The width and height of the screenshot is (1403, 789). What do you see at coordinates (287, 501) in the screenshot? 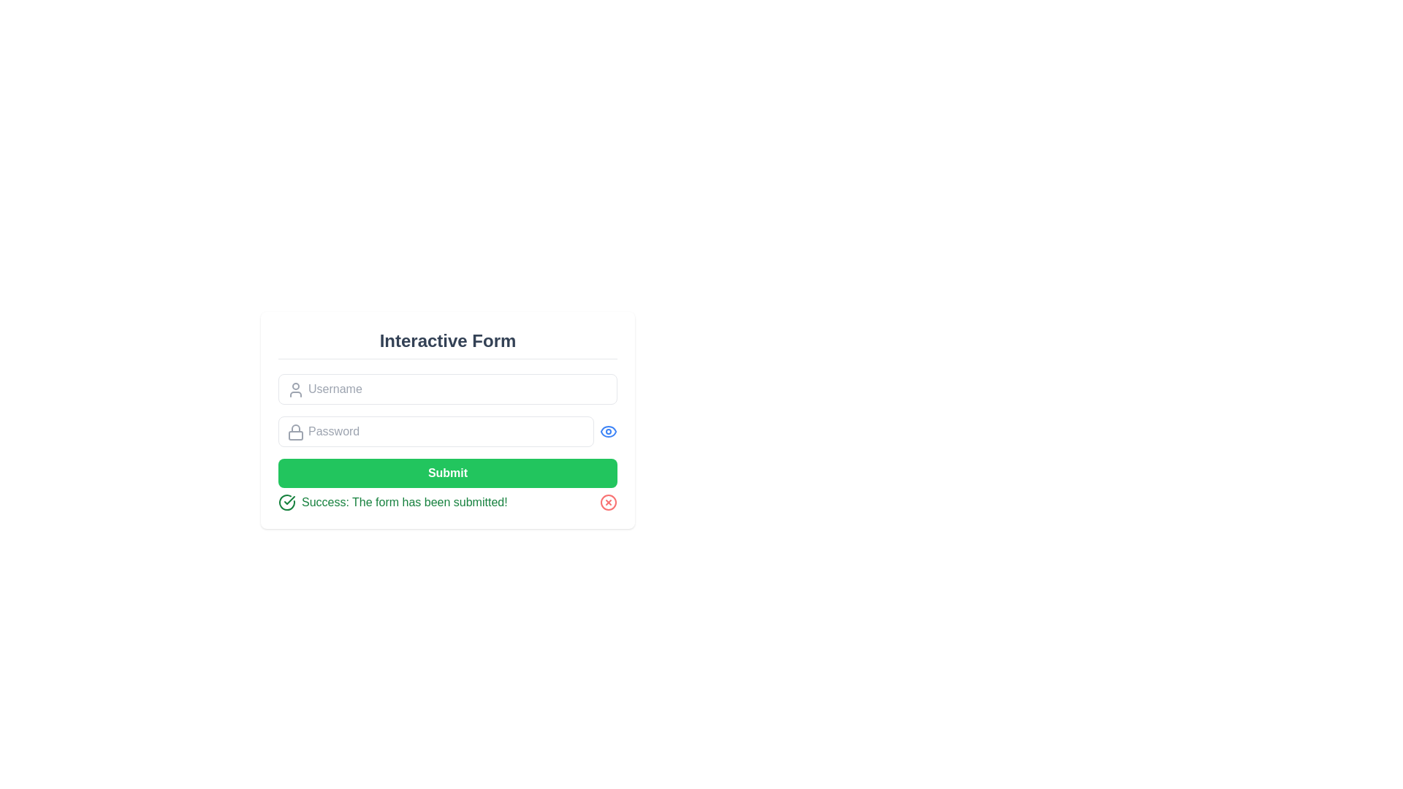
I see `the circular icon with a checkmark, styled with a green outline, which serves as a success indicator located to the left of the success message in the notification bar` at bounding box center [287, 501].